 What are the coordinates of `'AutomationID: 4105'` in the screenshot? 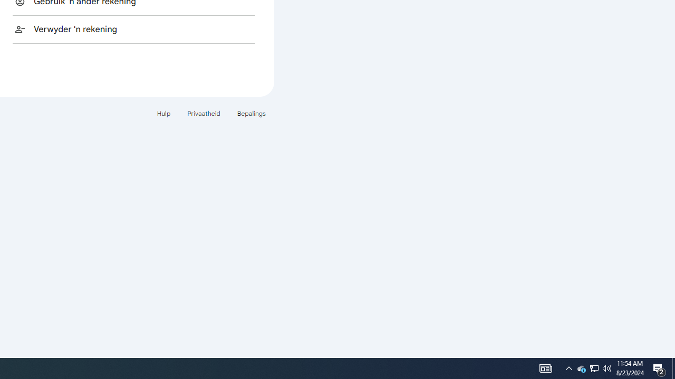 It's located at (545, 367).